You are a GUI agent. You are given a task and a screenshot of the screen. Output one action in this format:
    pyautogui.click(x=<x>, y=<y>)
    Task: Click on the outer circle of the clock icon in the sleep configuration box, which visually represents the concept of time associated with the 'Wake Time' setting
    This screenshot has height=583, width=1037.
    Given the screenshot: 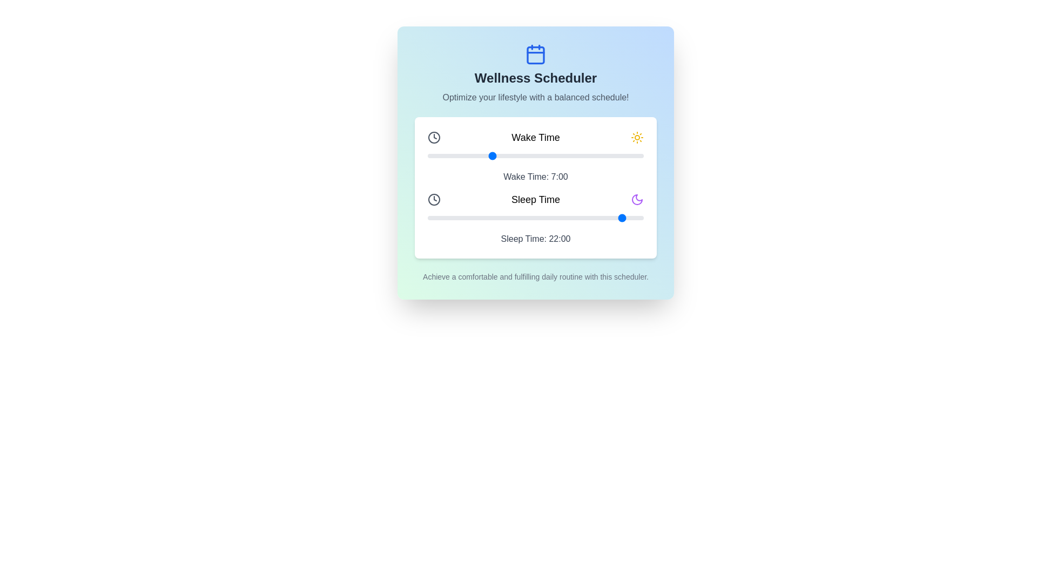 What is the action you would take?
    pyautogui.click(x=434, y=200)
    